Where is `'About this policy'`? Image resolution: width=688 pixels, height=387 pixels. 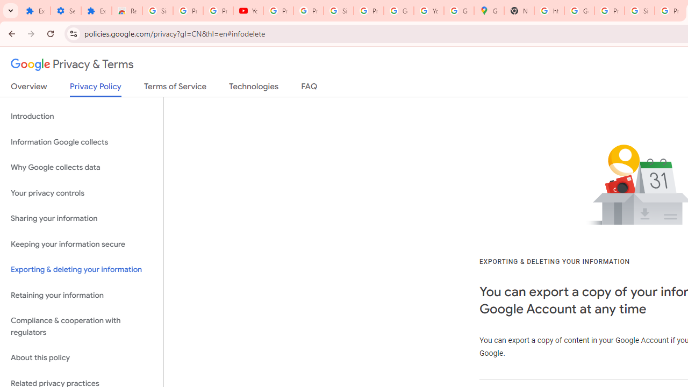 'About this policy' is located at coordinates (81, 358).